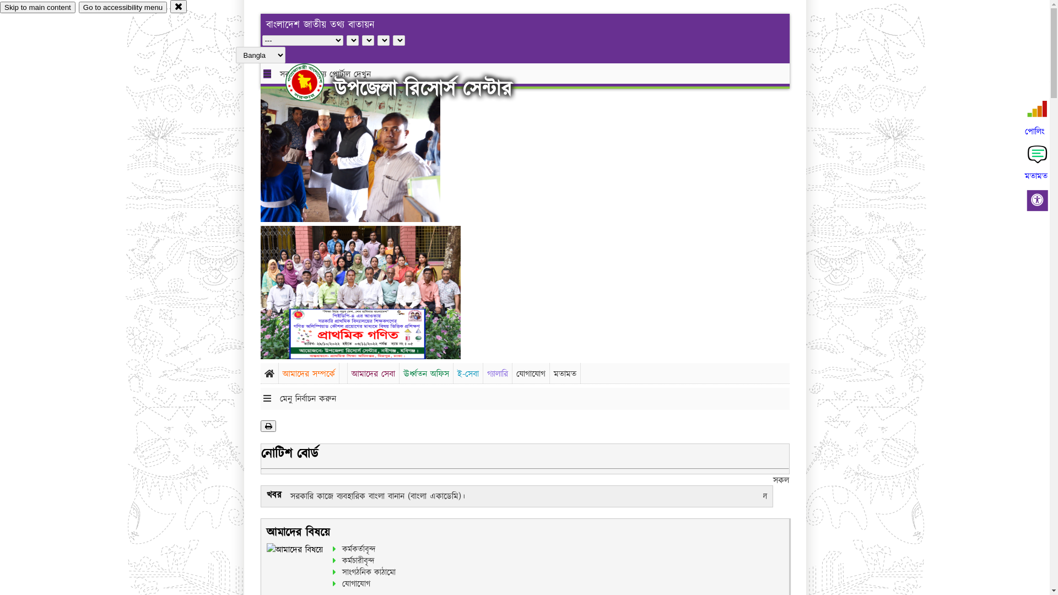 Image resolution: width=1058 pixels, height=595 pixels. What do you see at coordinates (314, 82) in the screenshot?
I see `'` at bounding box center [314, 82].